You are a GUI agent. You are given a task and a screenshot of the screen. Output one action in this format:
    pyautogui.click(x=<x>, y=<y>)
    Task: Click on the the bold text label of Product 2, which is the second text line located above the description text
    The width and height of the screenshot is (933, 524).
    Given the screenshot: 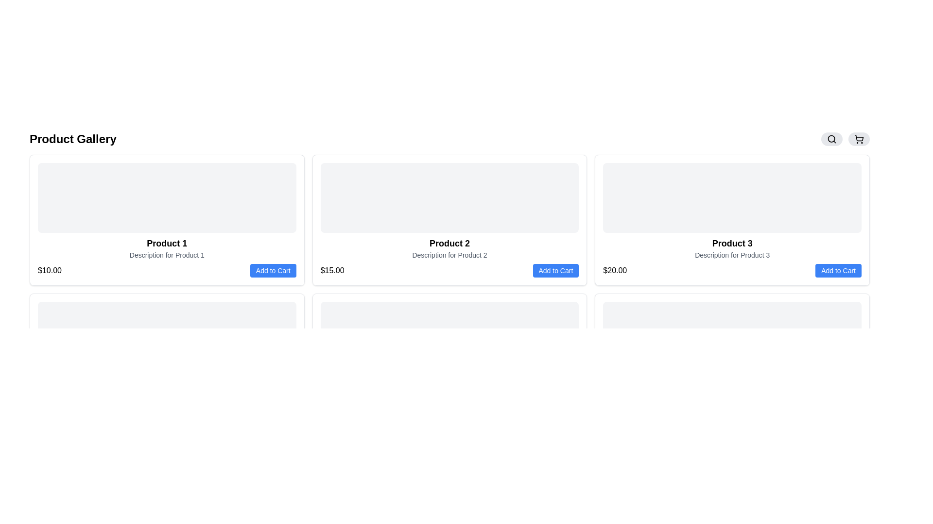 What is the action you would take?
    pyautogui.click(x=449, y=243)
    